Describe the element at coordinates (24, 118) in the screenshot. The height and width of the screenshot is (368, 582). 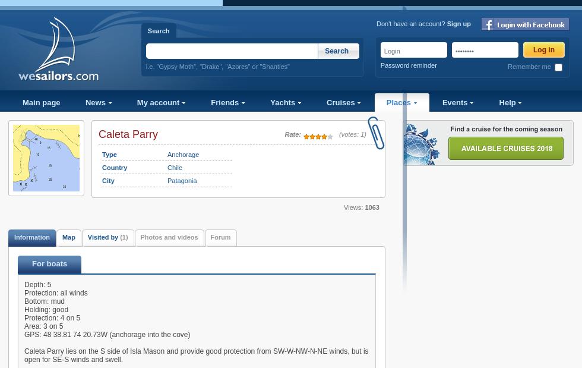
I see `'My wall'` at that location.